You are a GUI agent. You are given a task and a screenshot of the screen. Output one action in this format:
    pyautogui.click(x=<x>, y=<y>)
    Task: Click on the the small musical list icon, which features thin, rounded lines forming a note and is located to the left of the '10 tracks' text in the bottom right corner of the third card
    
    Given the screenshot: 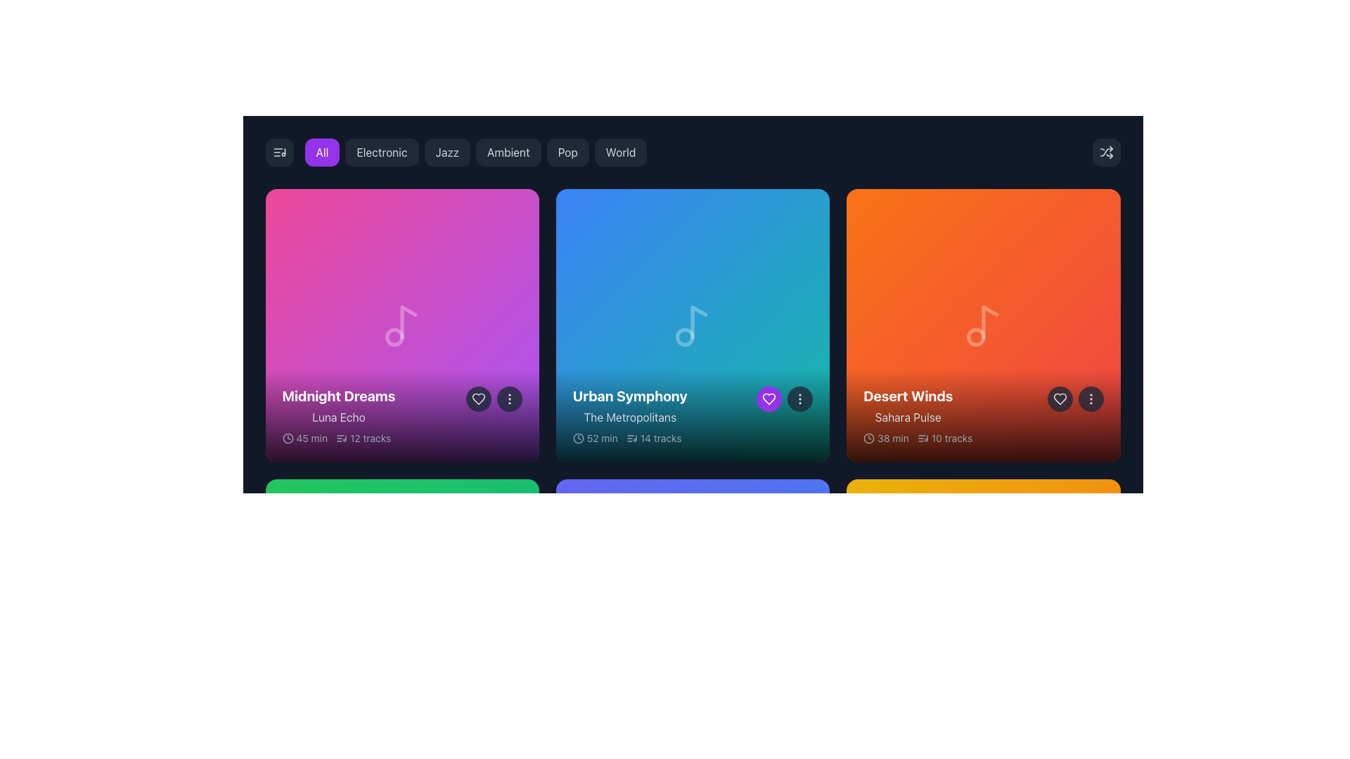 What is the action you would take?
    pyautogui.click(x=922, y=438)
    